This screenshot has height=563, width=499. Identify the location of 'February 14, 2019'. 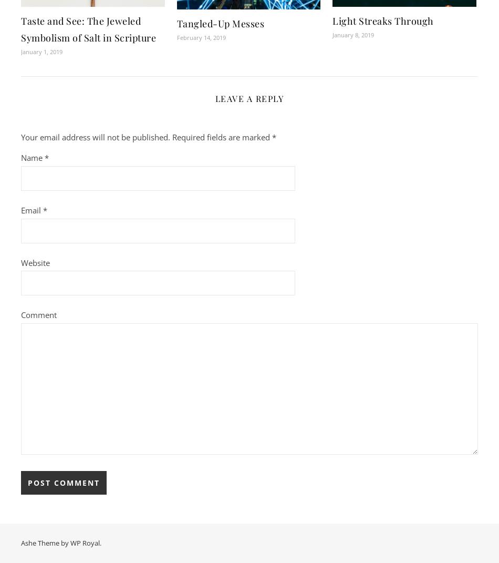
(176, 36).